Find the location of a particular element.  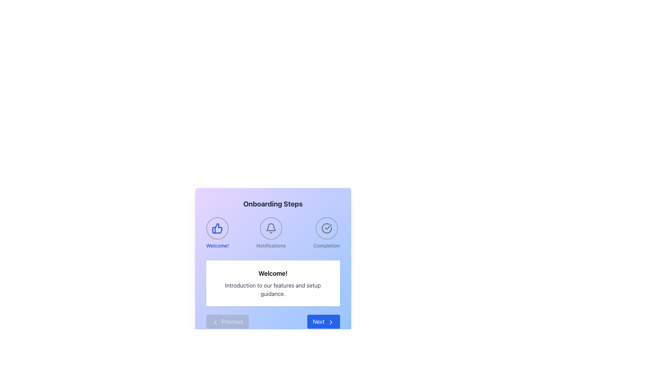

the circular bell icon under the 'Onboarding Steps' section is located at coordinates (271, 228).